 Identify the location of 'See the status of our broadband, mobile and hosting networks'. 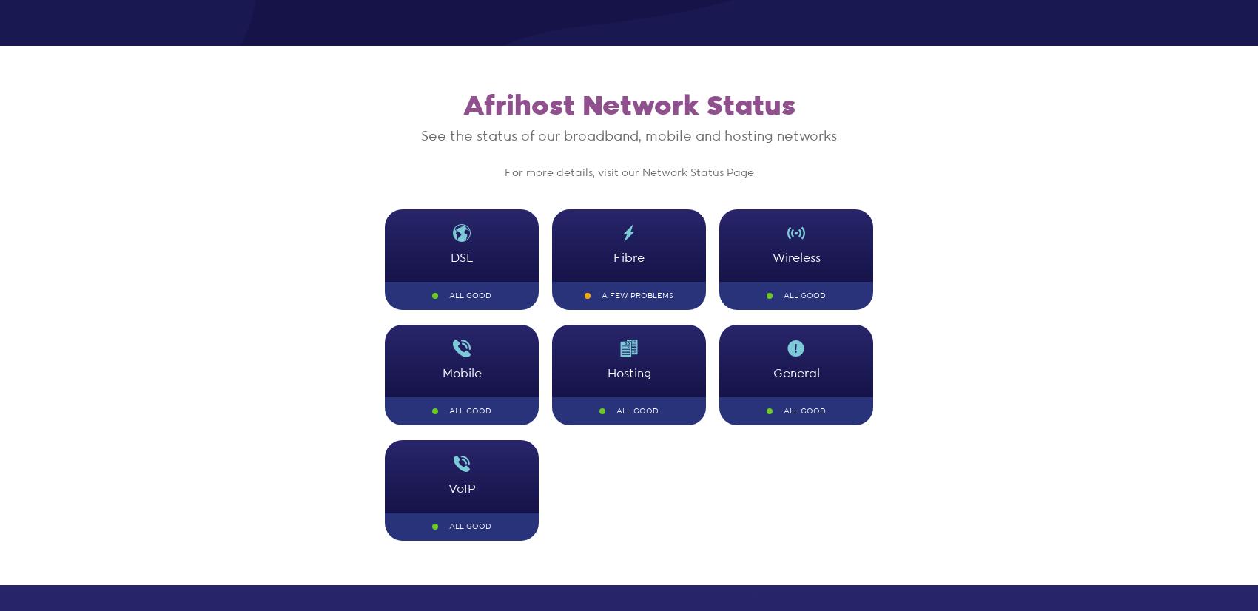
(629, 137).